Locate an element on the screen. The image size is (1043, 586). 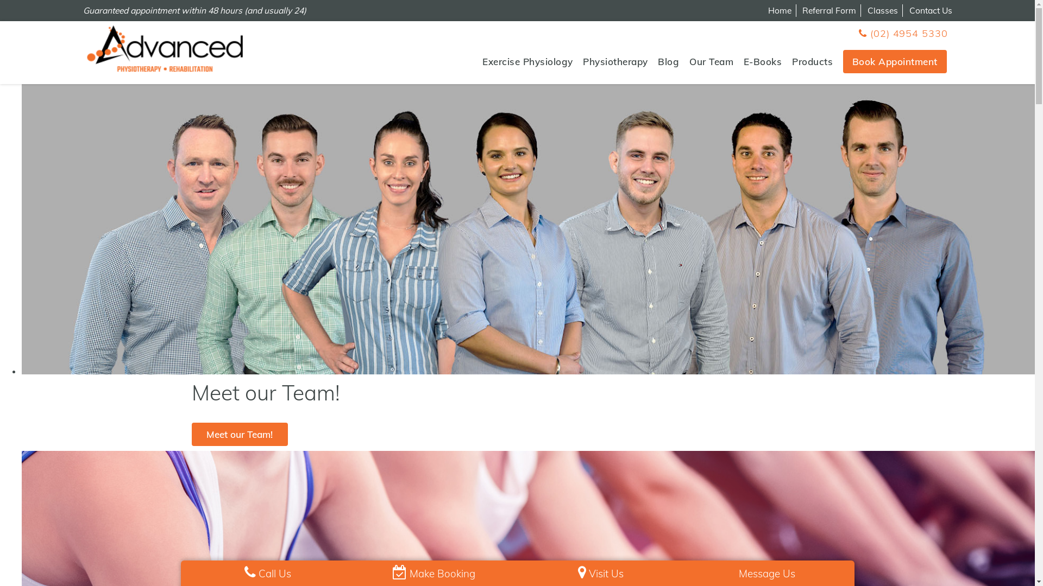
'Blog' is located at coordinates (668, 61).